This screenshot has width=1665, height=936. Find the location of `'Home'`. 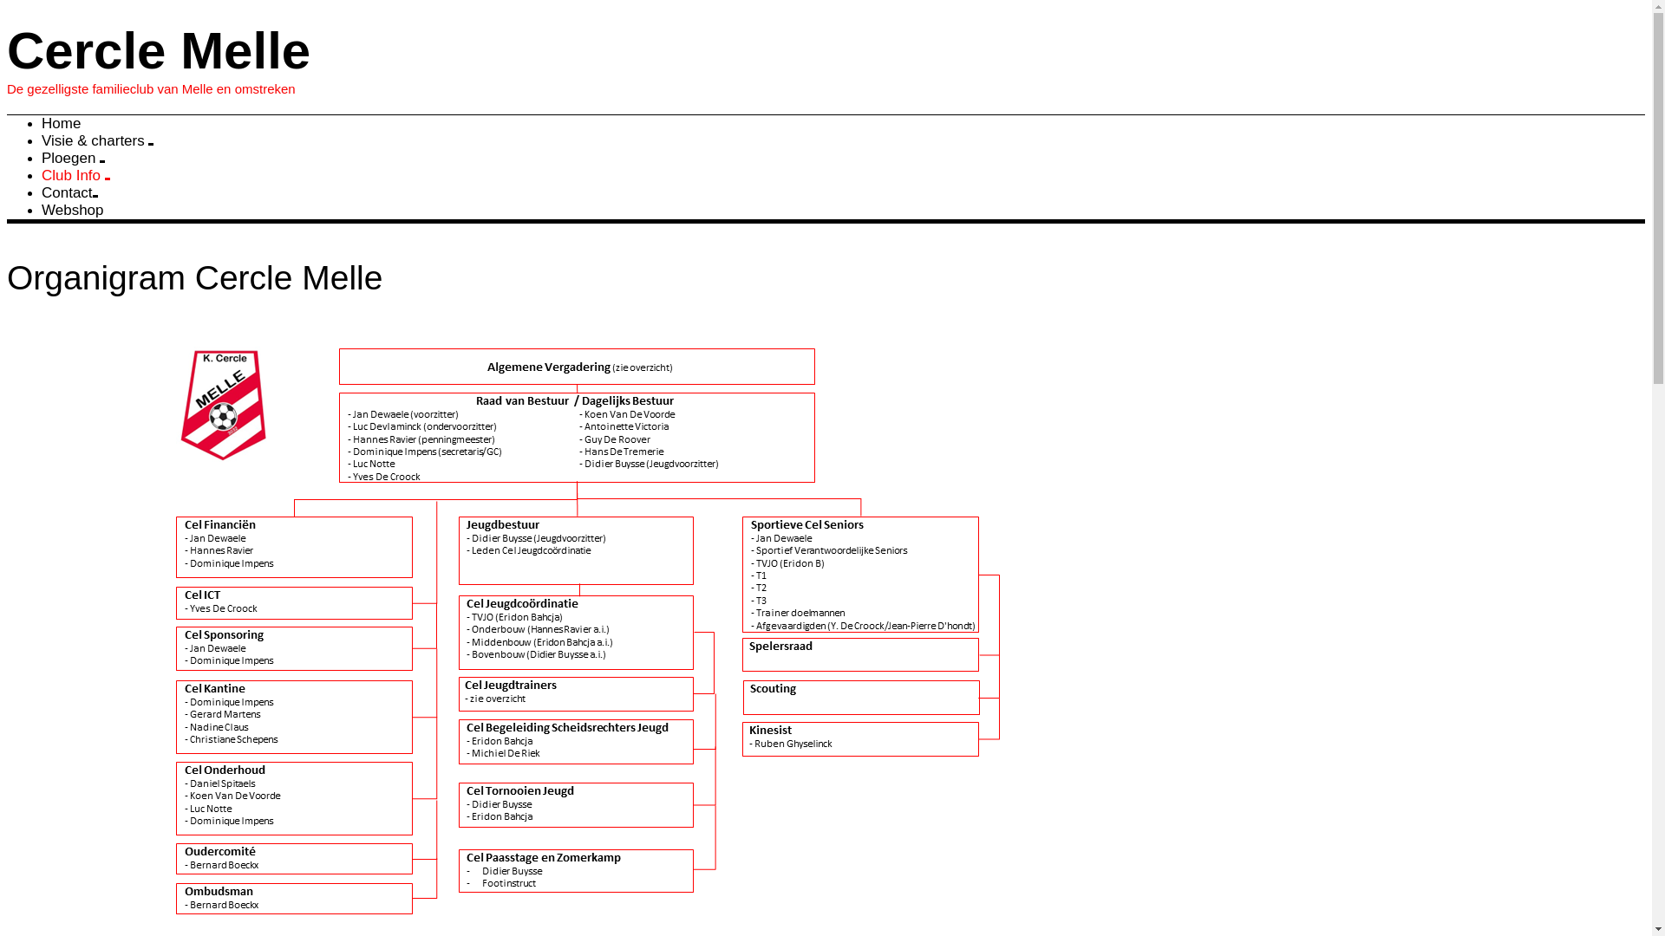

'Home' is located at coordinates (61, 122).